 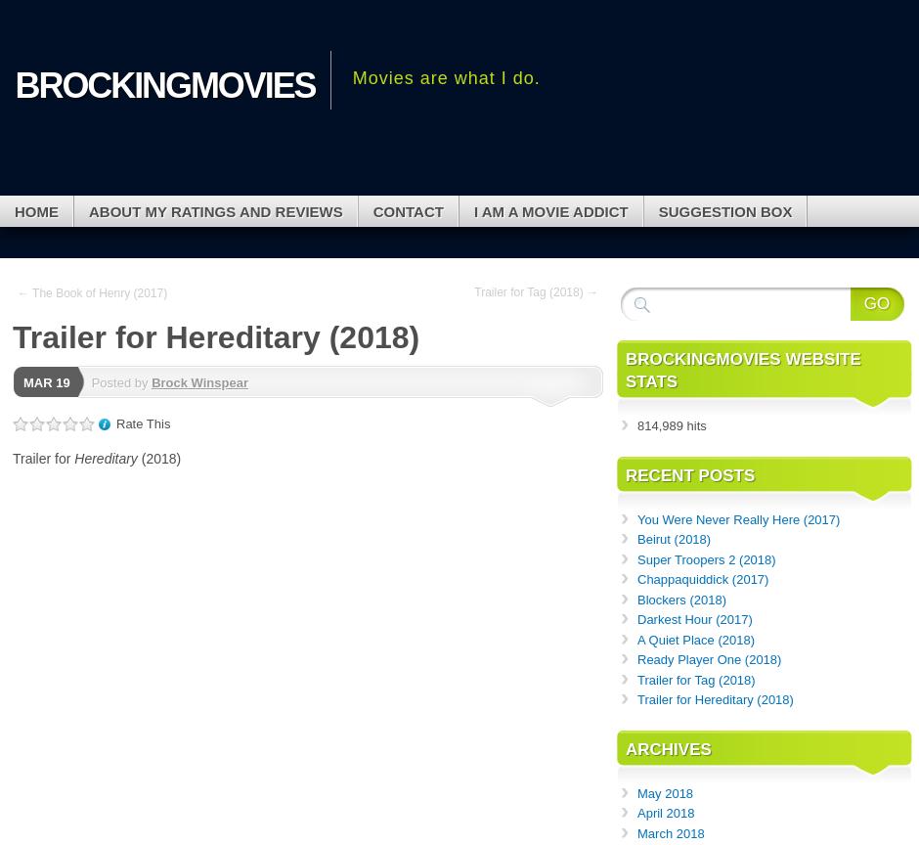 I want to click on 'Hereditary', so click(x=106, y=458).